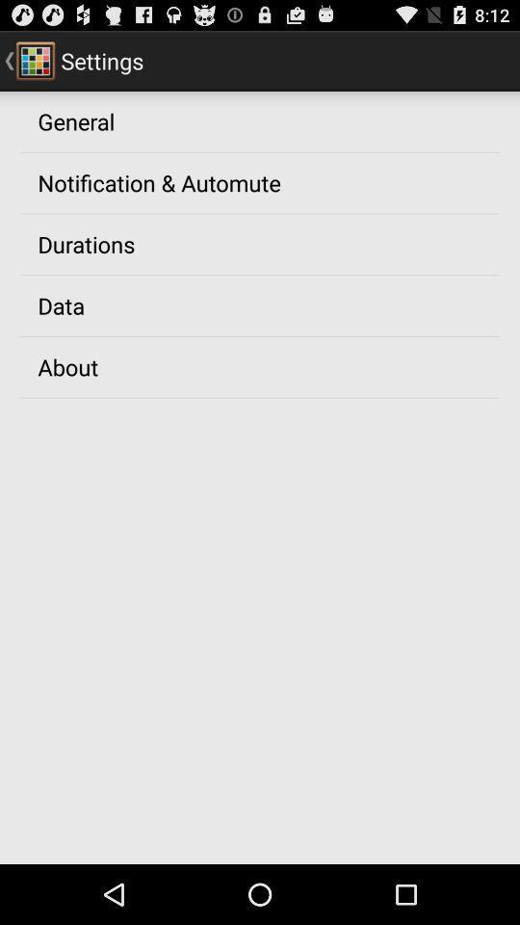 The height and width of the screenshot is (925, 520). I want to click on the item above the data icon, so click(85, 243).